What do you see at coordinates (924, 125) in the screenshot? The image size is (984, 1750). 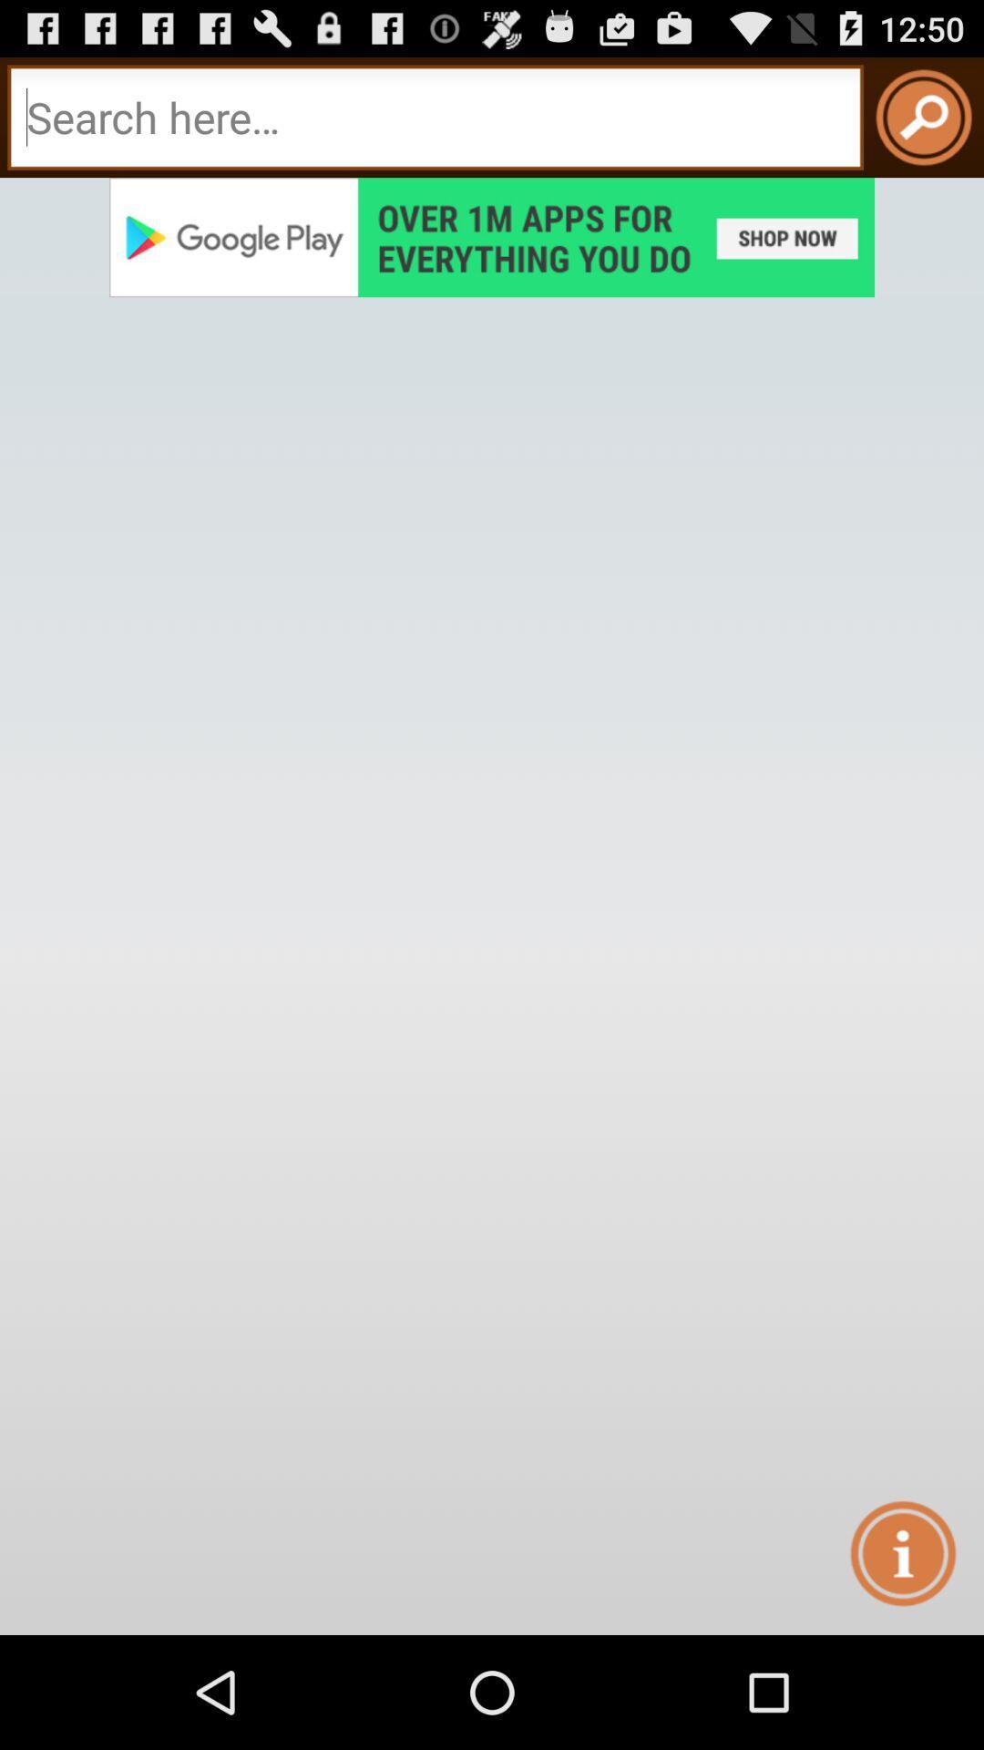 I see `the search icon` at bounding box center [924, 125].